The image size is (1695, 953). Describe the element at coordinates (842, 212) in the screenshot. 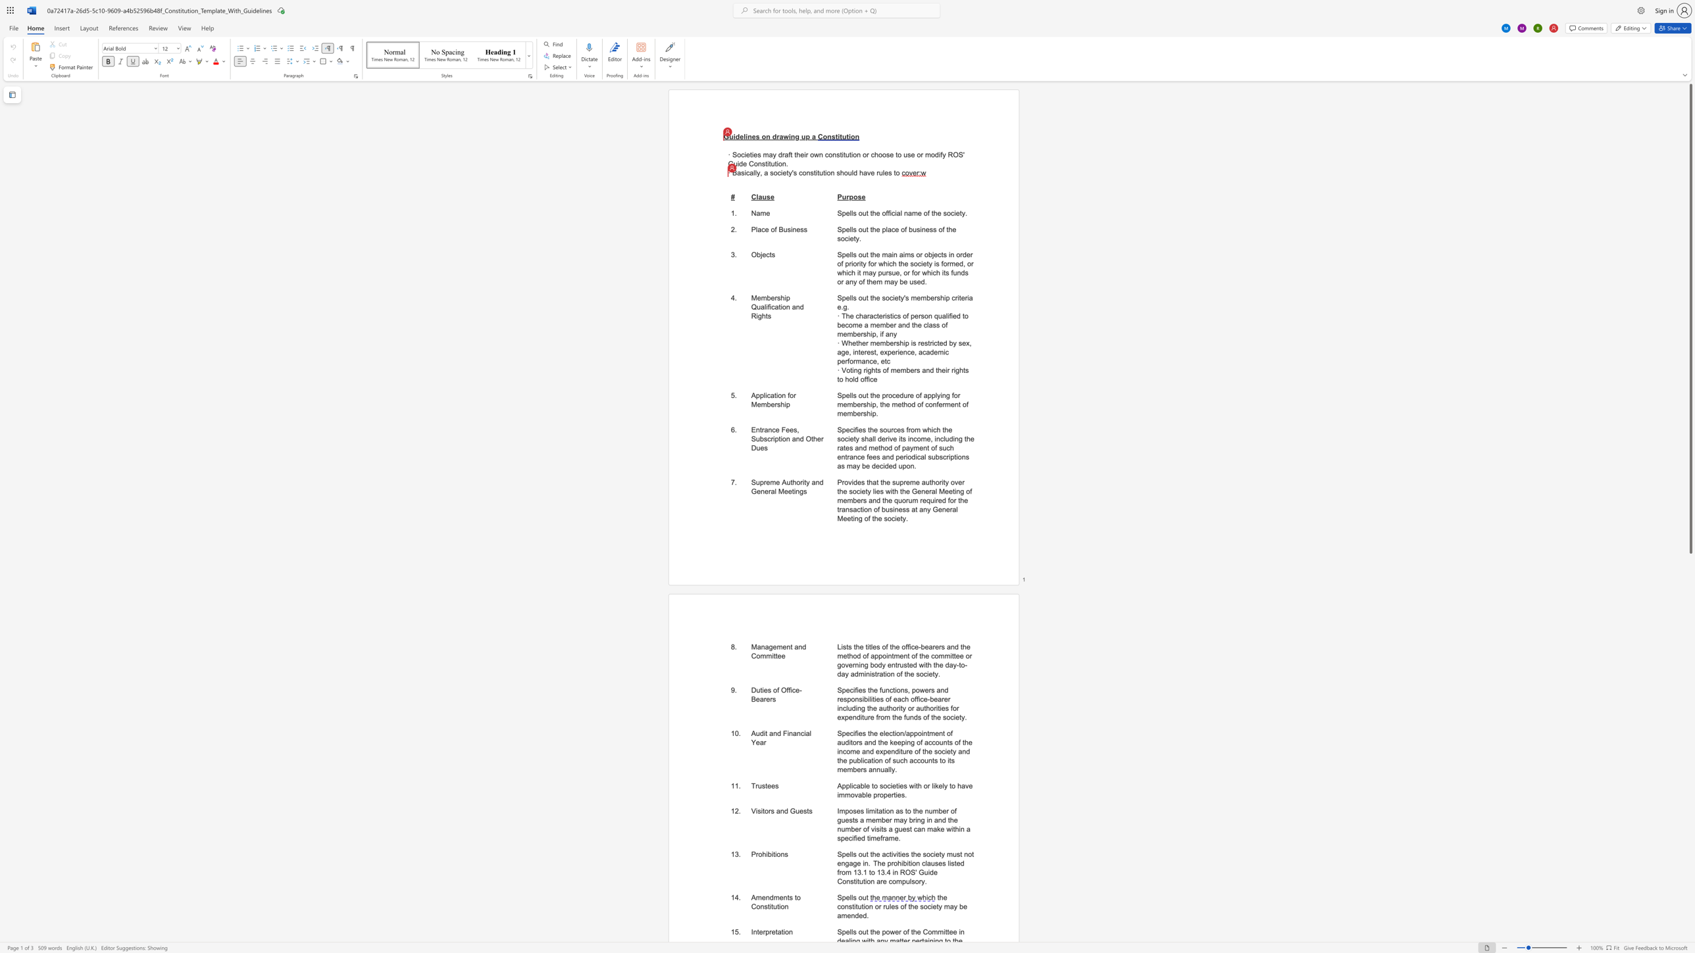

I see `the subset text "pells out the official n" within the text "Spells out the official name of the society."` at that location.